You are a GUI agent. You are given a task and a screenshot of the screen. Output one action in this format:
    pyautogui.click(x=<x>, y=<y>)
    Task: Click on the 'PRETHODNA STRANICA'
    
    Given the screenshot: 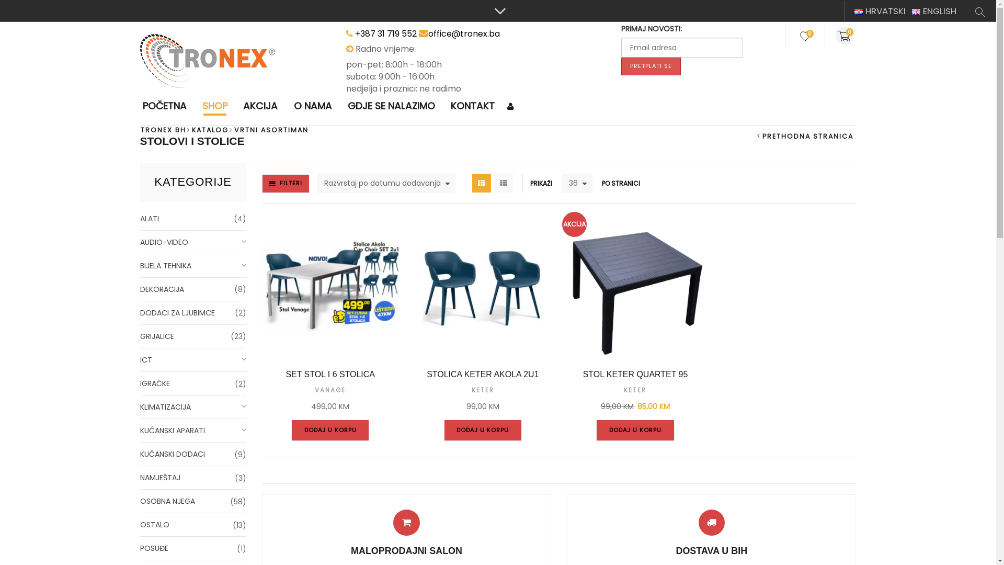 What is the action you would take?
    pyautogui.click(x=805, y=135)
    